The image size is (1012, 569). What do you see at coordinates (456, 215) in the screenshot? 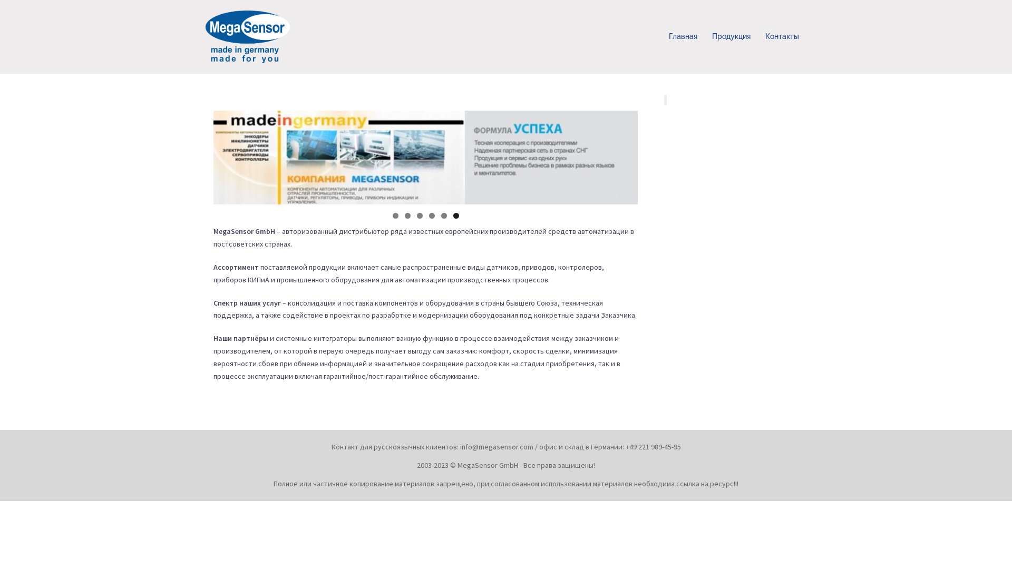
I see `'6'` at bounding box center [456, 215].